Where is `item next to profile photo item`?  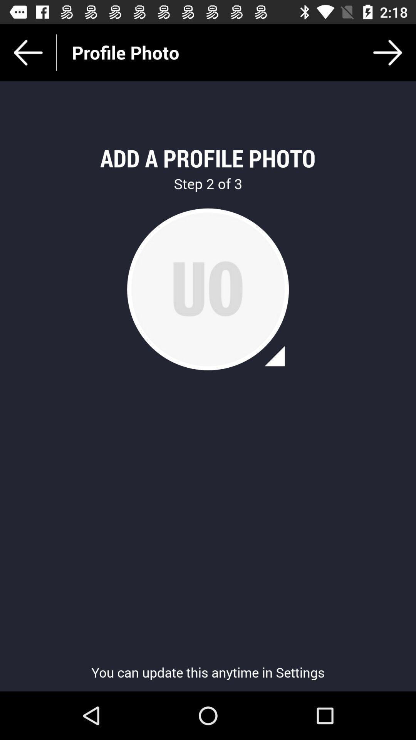
item next to profile photo item is located at coordinates (387, 52).